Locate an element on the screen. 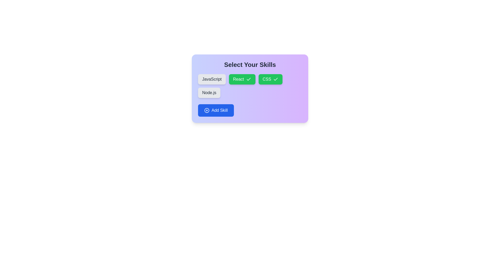 The height and width of the screenshot is (280, 499). the 'Add Skill' button to add a new skill is located at coordinates (216, 110).